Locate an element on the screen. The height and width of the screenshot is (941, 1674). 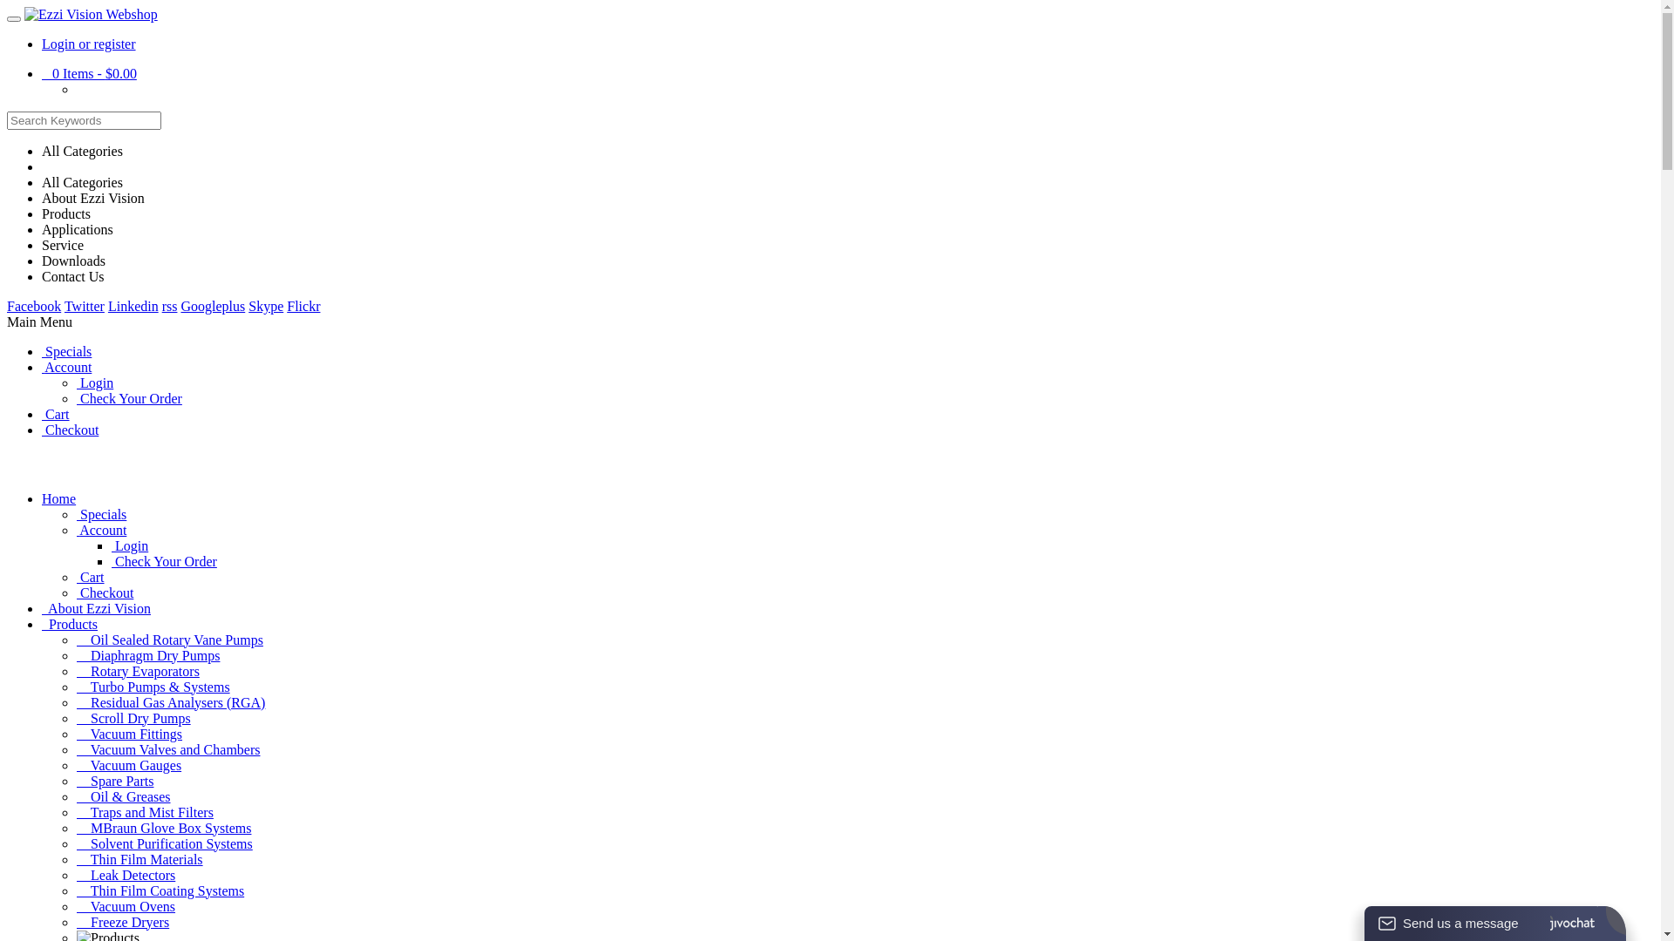
'Ezzi Vision Webshop' is located at coordinates (90, 14).